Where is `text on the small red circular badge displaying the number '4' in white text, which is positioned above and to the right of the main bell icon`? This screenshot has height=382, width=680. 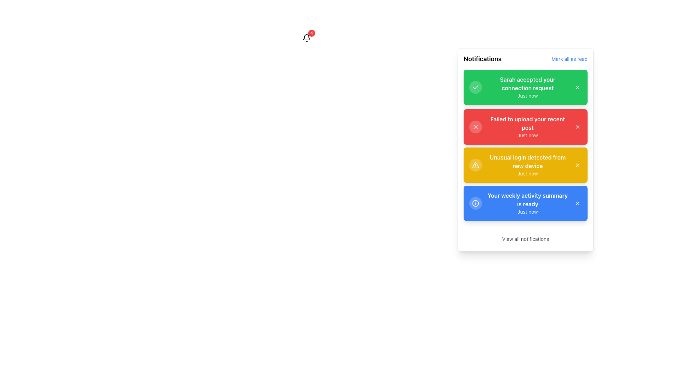
text on the small red circular badge displaying the number '4' in white text, which is positioned above and to the right of the main bell icon is located at coordinates (311, 33).